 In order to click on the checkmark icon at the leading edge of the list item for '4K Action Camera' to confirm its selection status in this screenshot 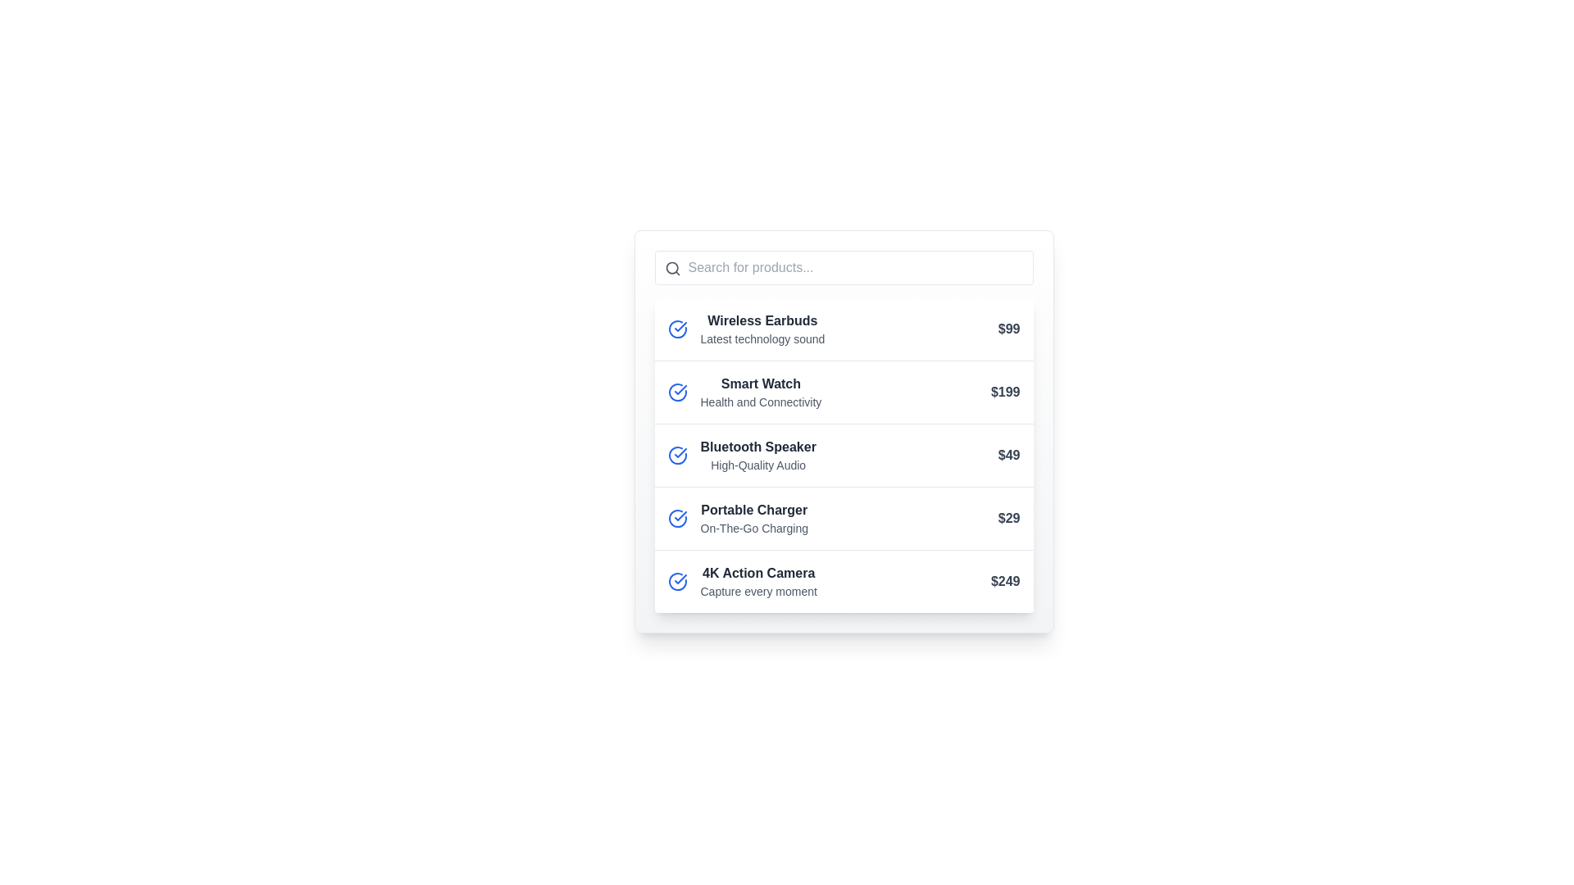, I will do `click(677, 580)`.